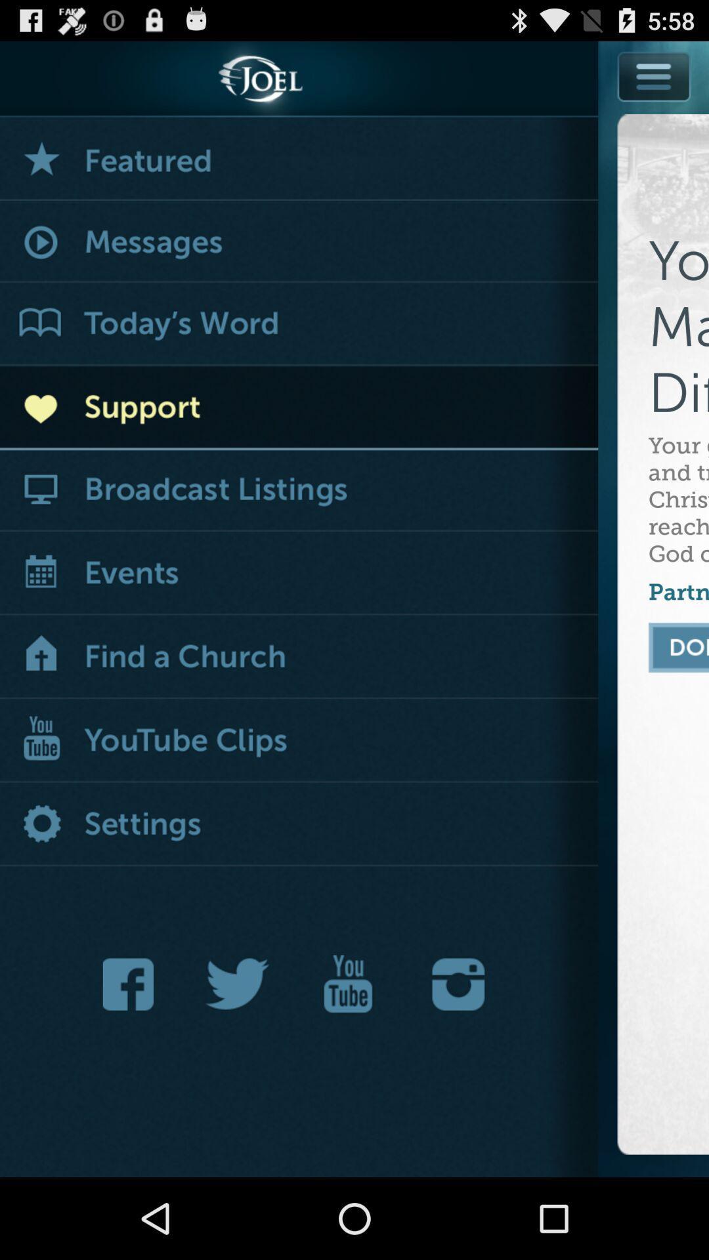 The image size is (709, 1260). I want to click on the twitter icon, so click(238, 1053).